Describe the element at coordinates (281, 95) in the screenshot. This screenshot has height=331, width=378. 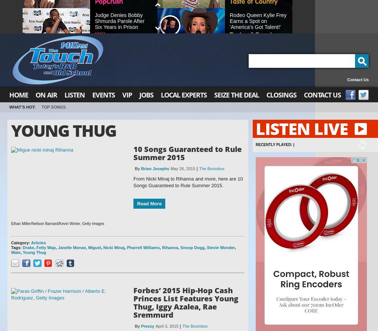
I see `'Closings'` at that location.